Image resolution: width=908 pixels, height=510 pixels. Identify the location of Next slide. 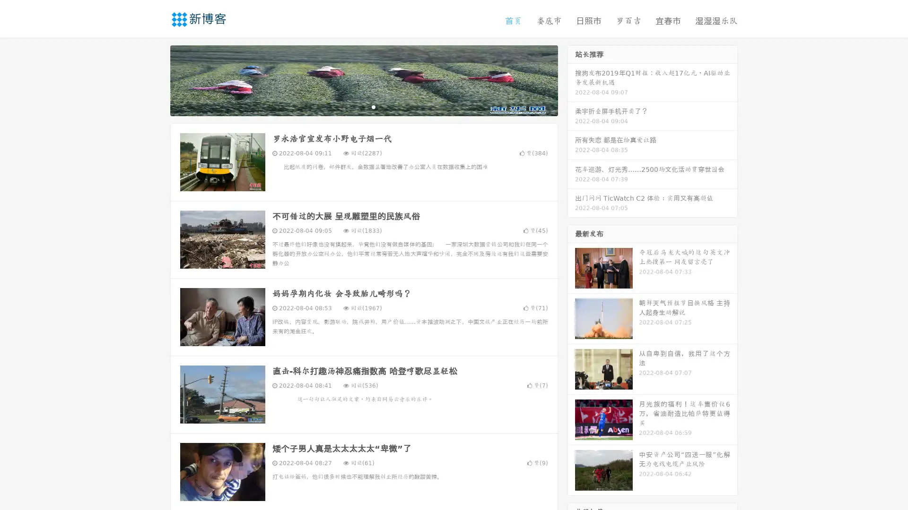
(571, 79).